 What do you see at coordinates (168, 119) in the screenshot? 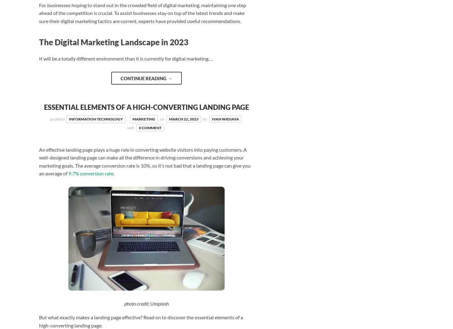
I see `'March 22, 2023'` at bounding box center [168, 119].